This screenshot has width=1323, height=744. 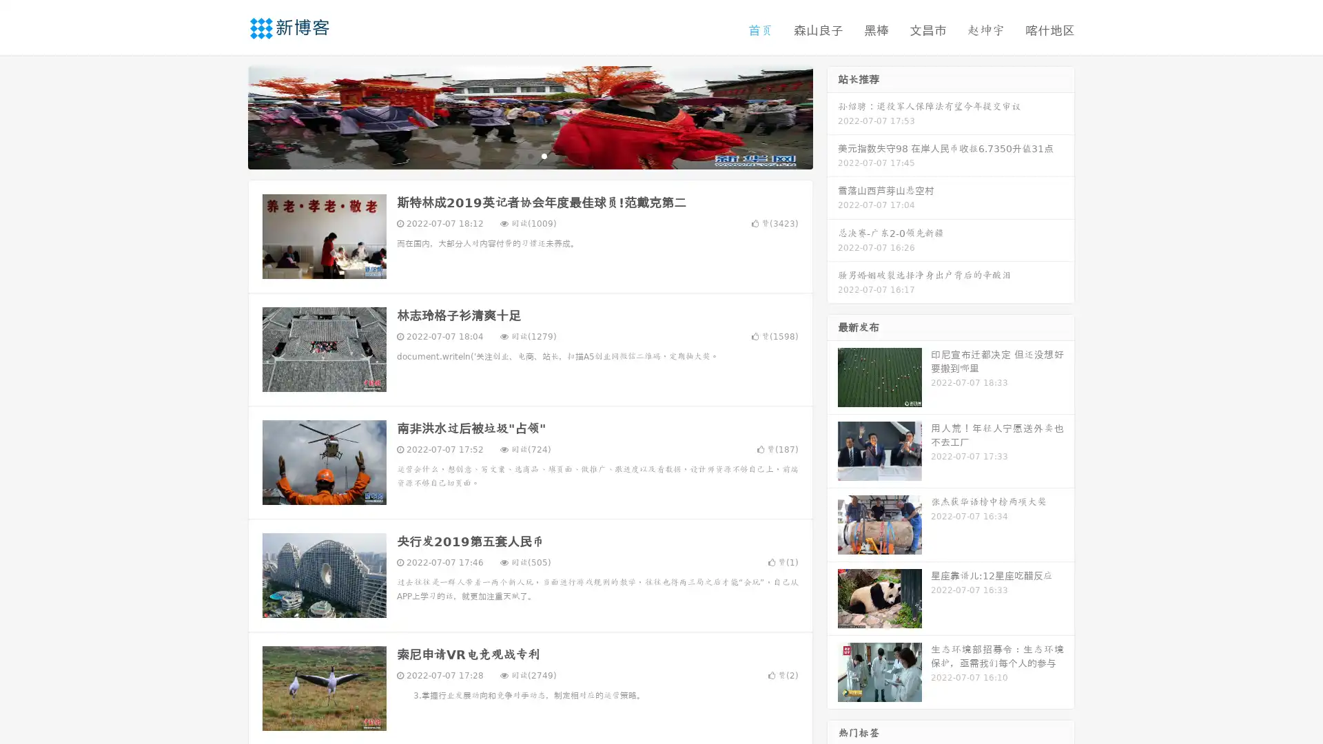 I want to click on Go to slide 1, so click(x=515, y=155).